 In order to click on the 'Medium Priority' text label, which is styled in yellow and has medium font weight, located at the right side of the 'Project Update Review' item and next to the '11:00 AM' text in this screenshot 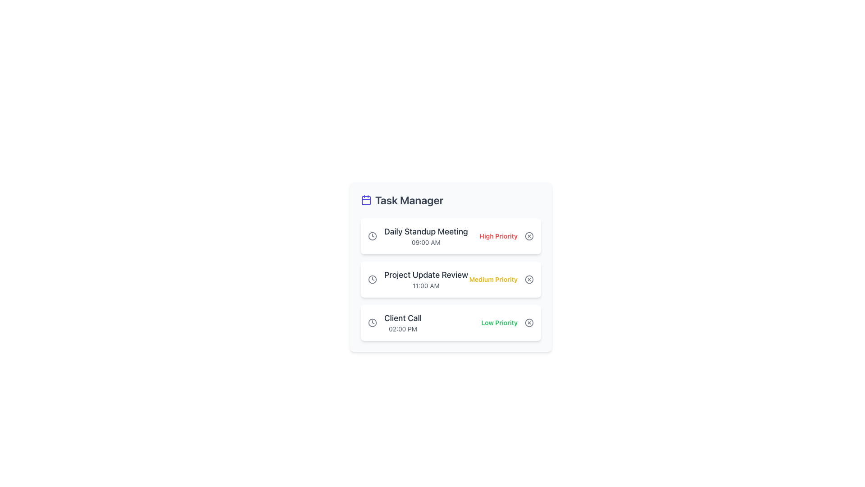, I will do `click(501, 279)`.